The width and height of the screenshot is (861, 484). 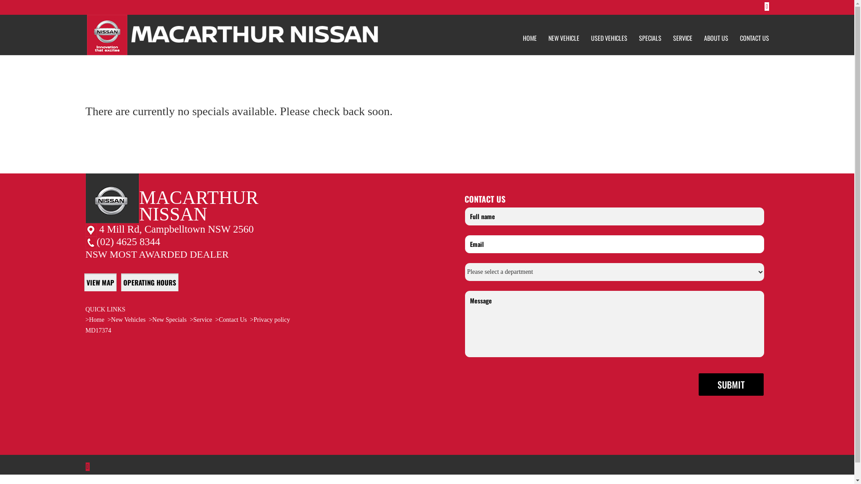 I want to click on 'NEW VEHICLE', so click(x=563, y=41).